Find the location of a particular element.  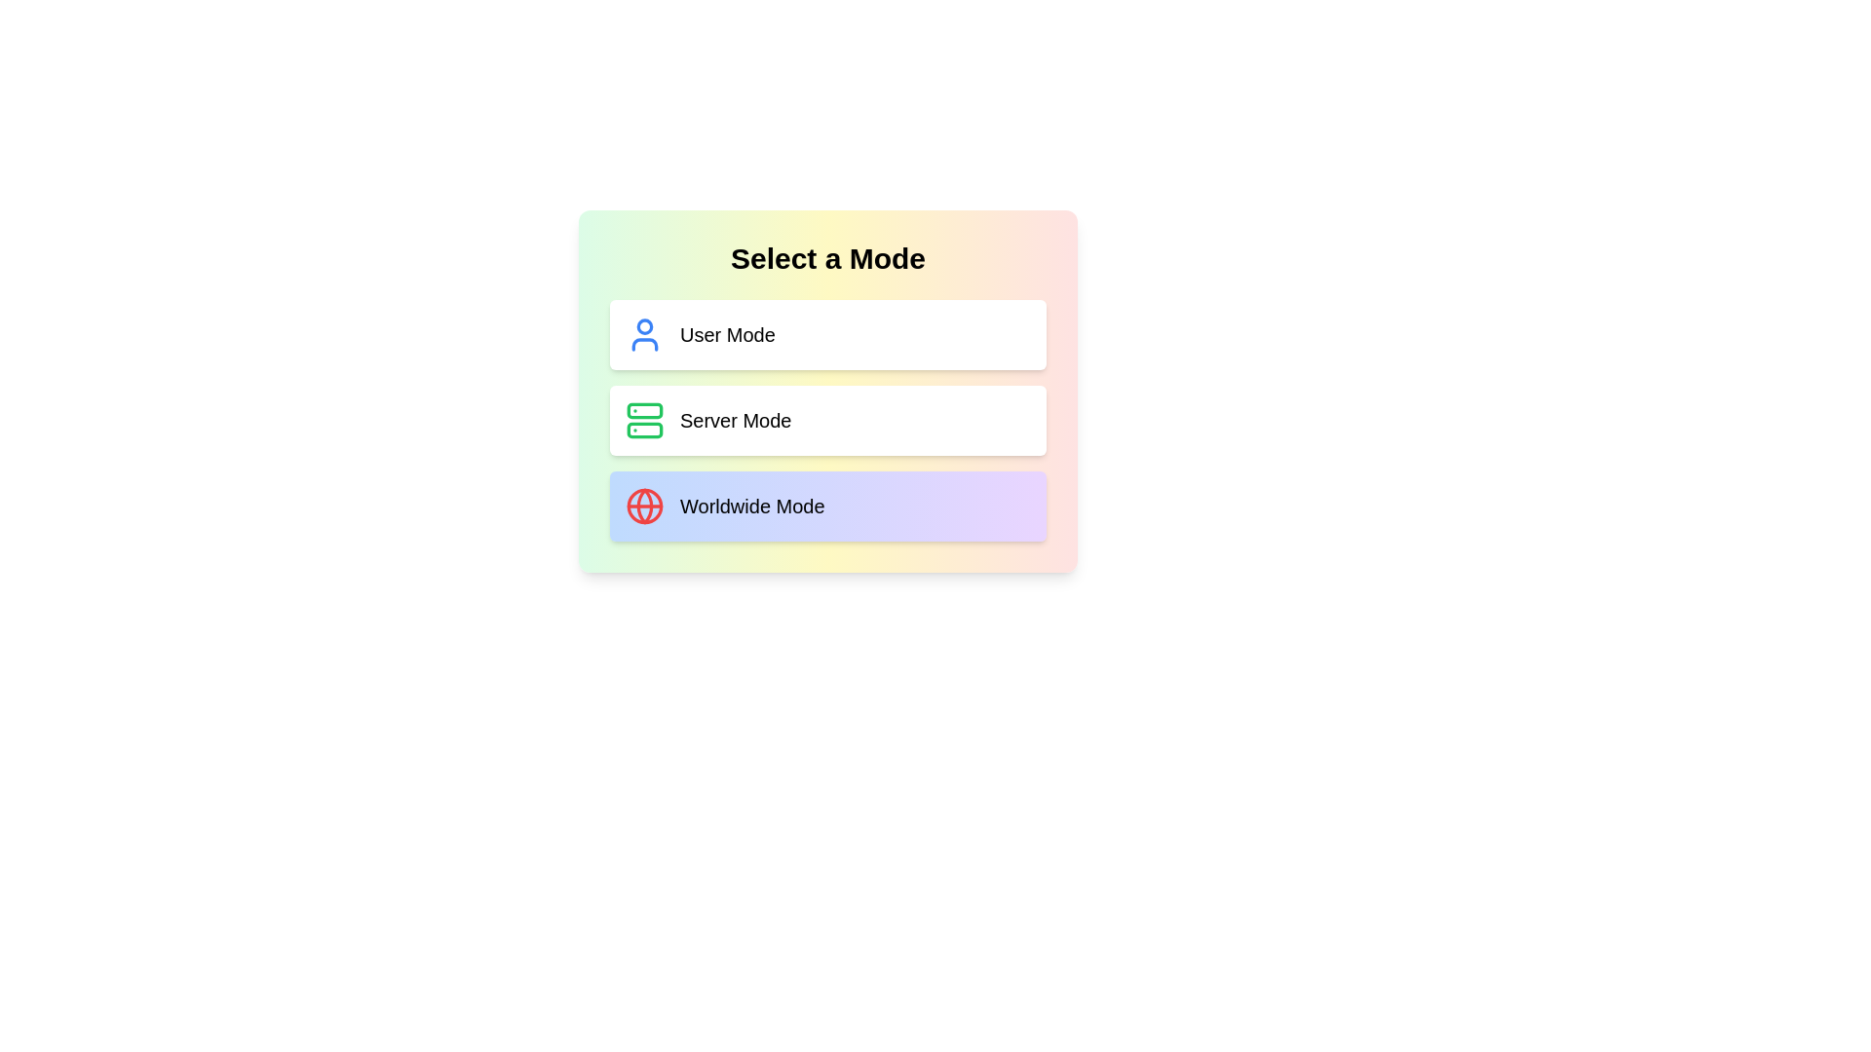

the user icon, which is an outline of a person with a blue outline, prominently positioned to the left of the 'User Mode' text in the 'Select a Mode' list is located at coordinates (645, 333).